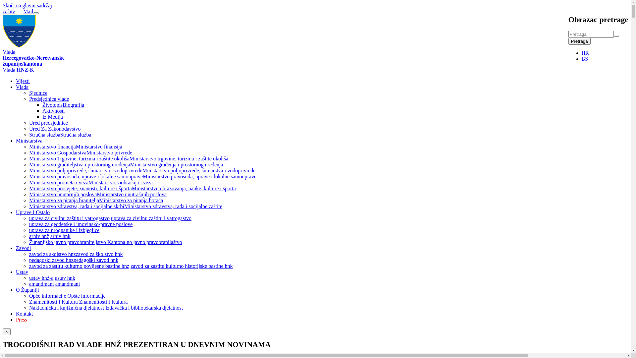  Describe the element at coordinates (28, 140) in the screenshot. I see `'Ministarstva'` at that location.